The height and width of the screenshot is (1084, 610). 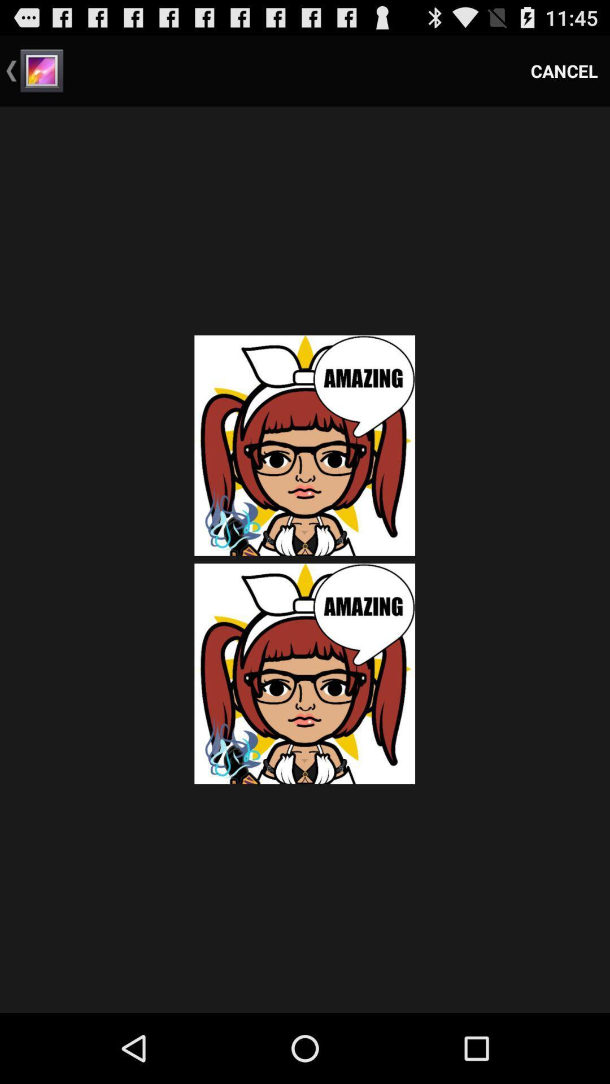 What do you see at coordinates (564, 70) in the screenshot?
I see `cancel icon` at bounding box center [564, 70].